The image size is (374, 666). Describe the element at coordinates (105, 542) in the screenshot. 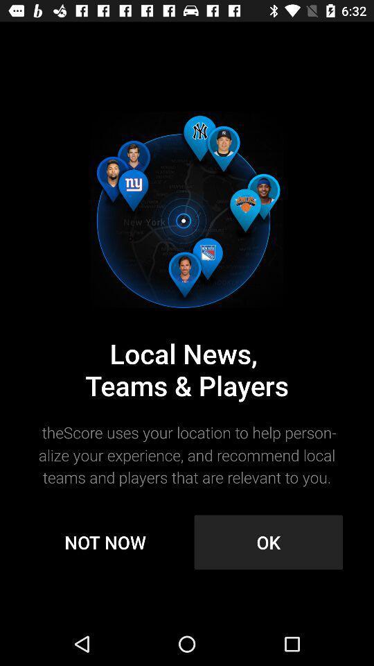

I see `the not now item` at that location.